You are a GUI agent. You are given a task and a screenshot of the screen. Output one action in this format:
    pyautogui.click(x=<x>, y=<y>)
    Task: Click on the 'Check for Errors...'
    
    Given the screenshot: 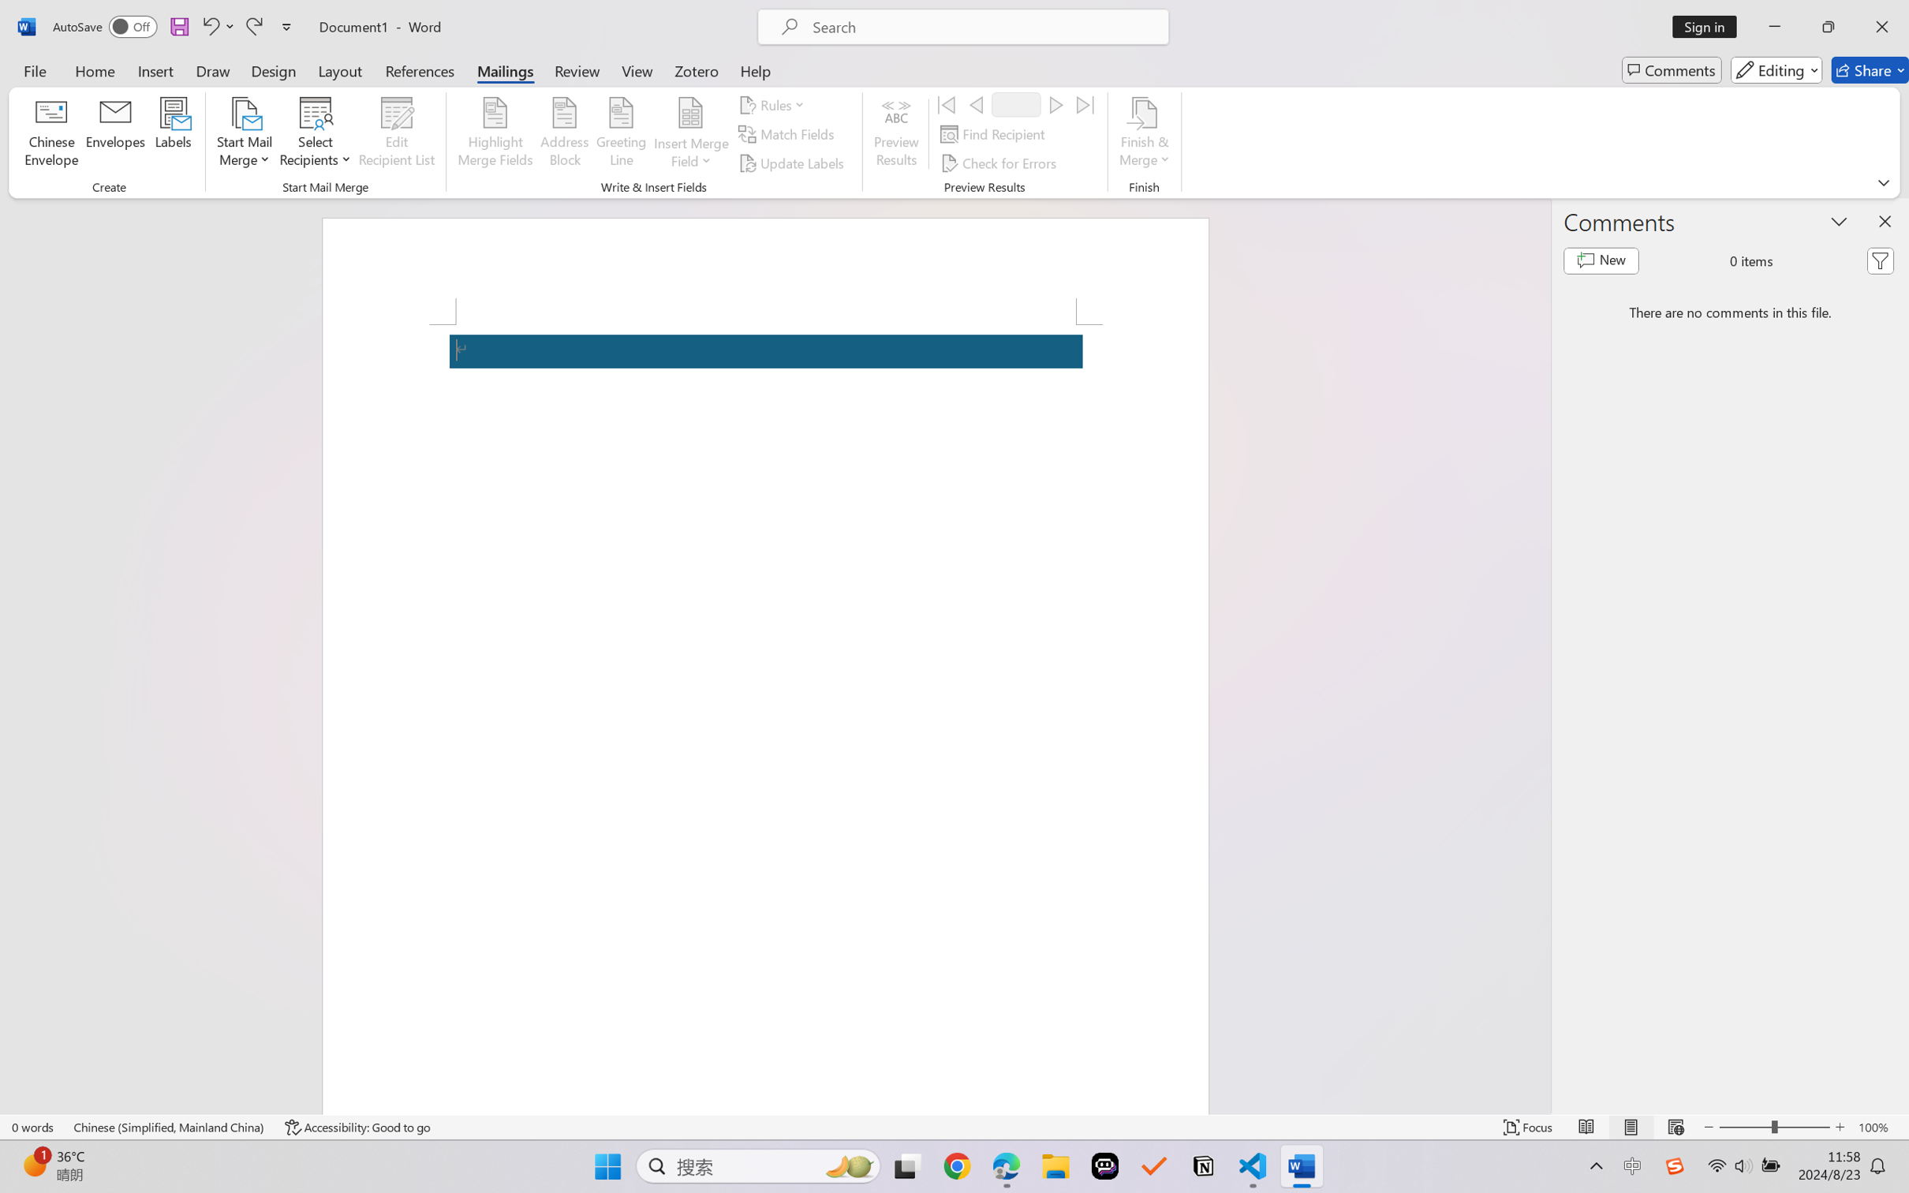 What is the action you would take?
    pyautogui.click(x=1001, y=163)
    